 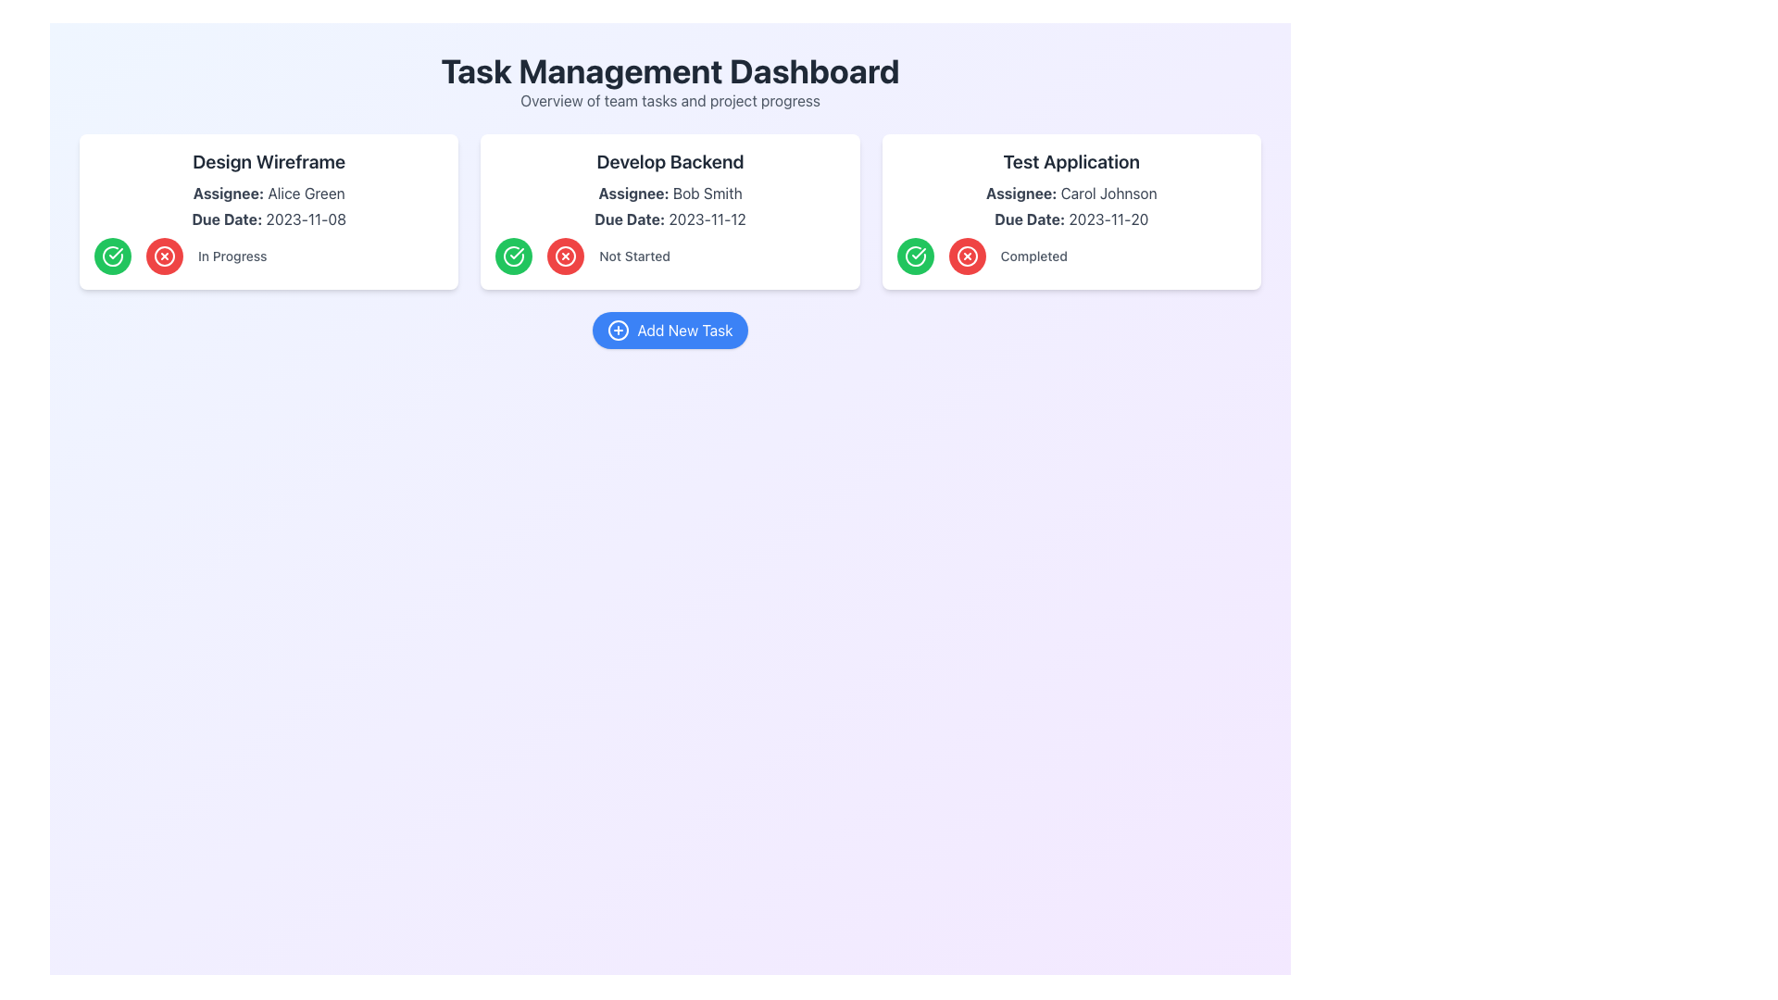 What do you see at coordinates (514, 256) in the screenshot?
I see `the circular green button with a white checkmark icon in the 'Develop Backend' section to mark the task as completed` at bounding box center [514, 256].